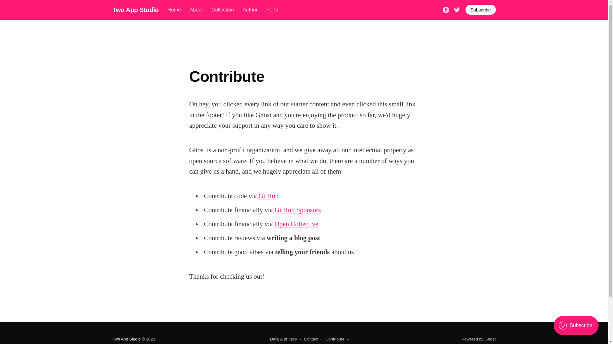 Image resolution: width=613 pixels, height=344 pixels. I want to click on 'Collection', so click(222, 10).